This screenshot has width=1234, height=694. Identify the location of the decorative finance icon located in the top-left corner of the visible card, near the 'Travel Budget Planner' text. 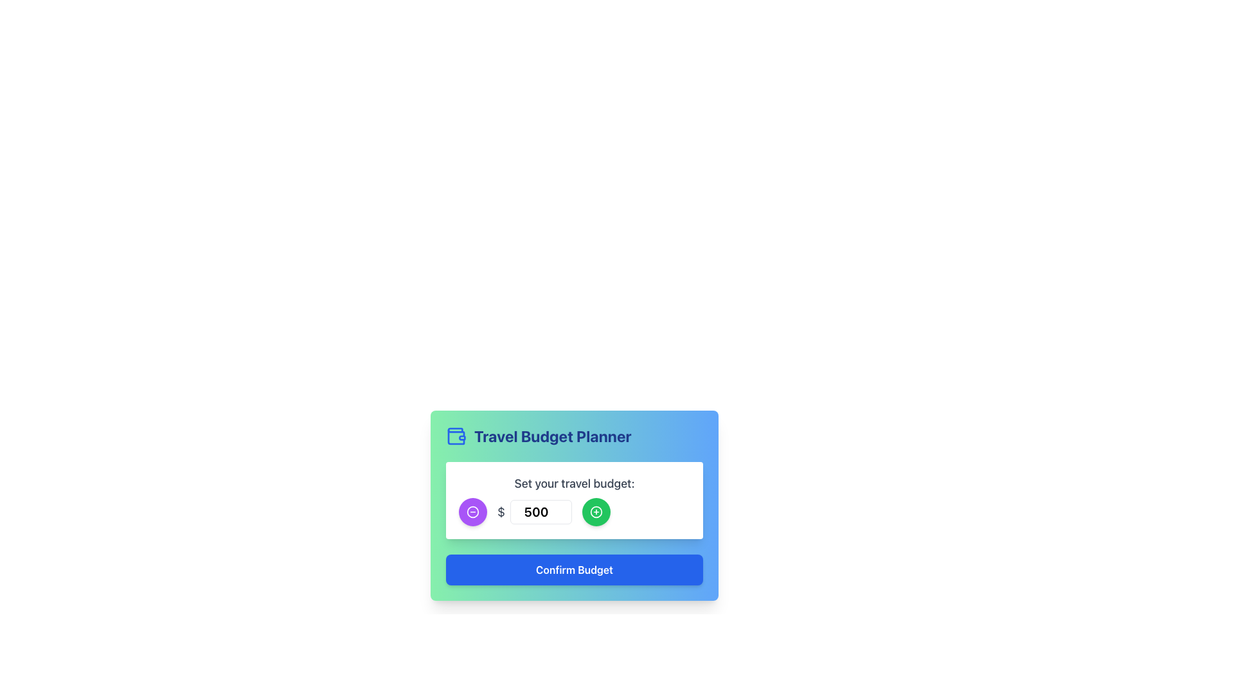
(456, 434).